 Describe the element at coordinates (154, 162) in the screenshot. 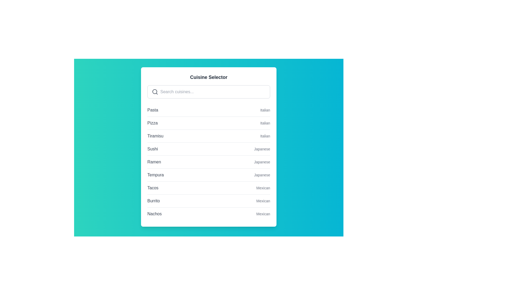

I see `text from the leftmost Text label displaying the name of a cuisine item, which is located within a bordered panel containing a list of cuisines` at that location.